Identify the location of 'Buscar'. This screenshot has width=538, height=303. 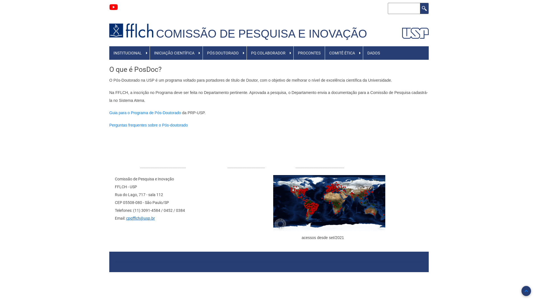
(424, 8).